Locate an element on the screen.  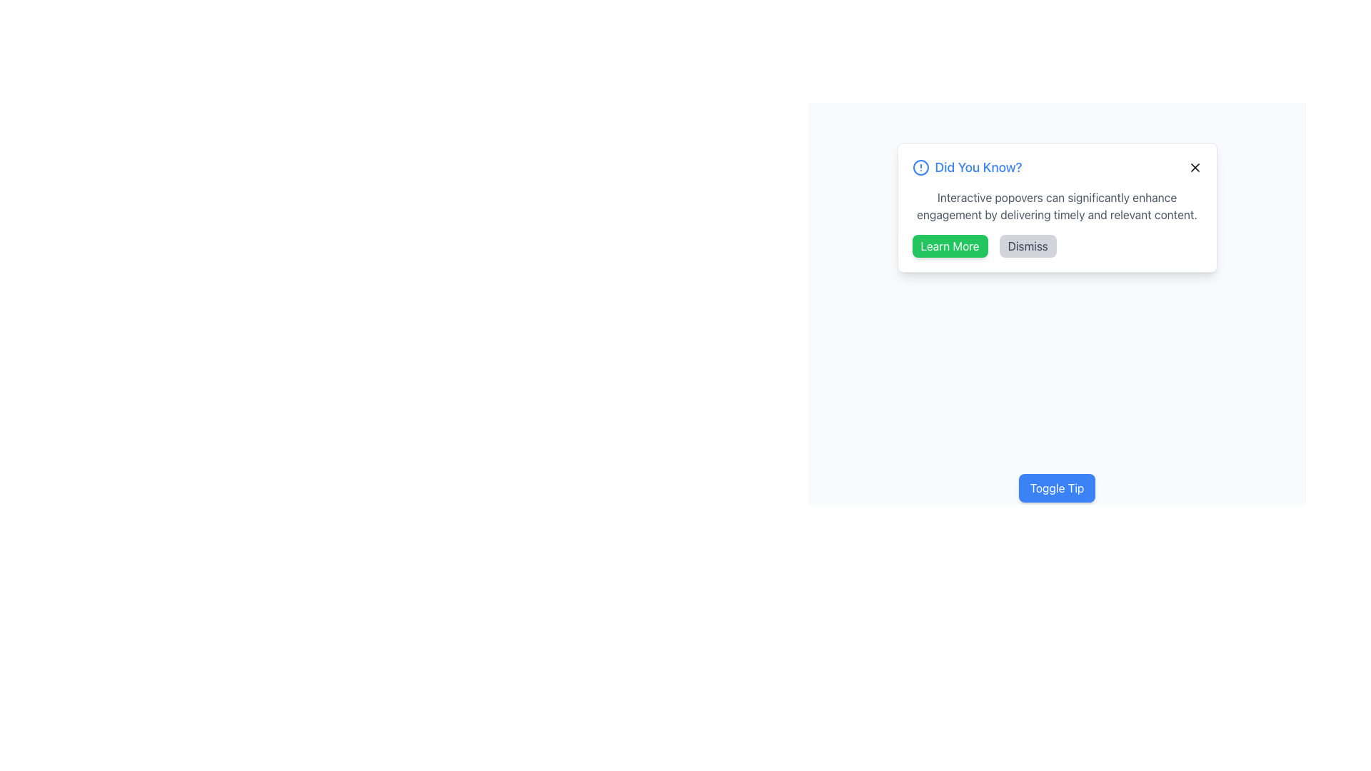
the Text Display element that provides additional context in the popup window titled 'Did You Know?' is located at coordinates (1057, 206).